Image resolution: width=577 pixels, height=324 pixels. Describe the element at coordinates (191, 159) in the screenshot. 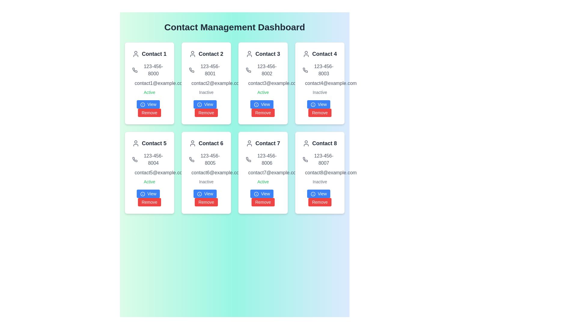

I see `the phone icon representing contact information for 'Contact 6', located in the second row and second column of the grid layout` at that location.